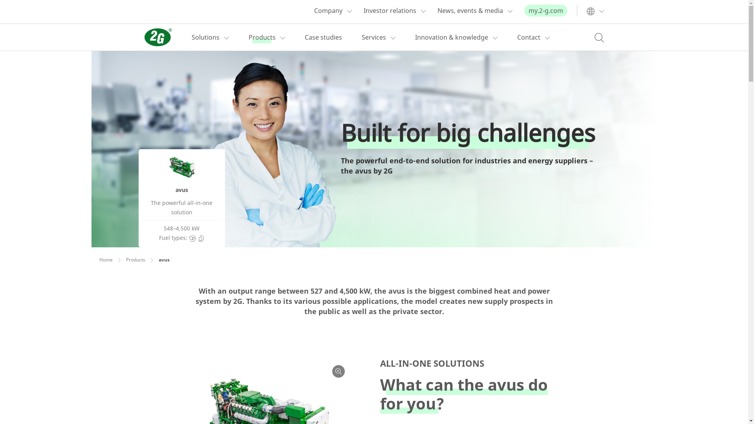  What do you see at coordinates (528, 37) in the screenshot?
I see `'Contact'` at bounding box center [528, 37].